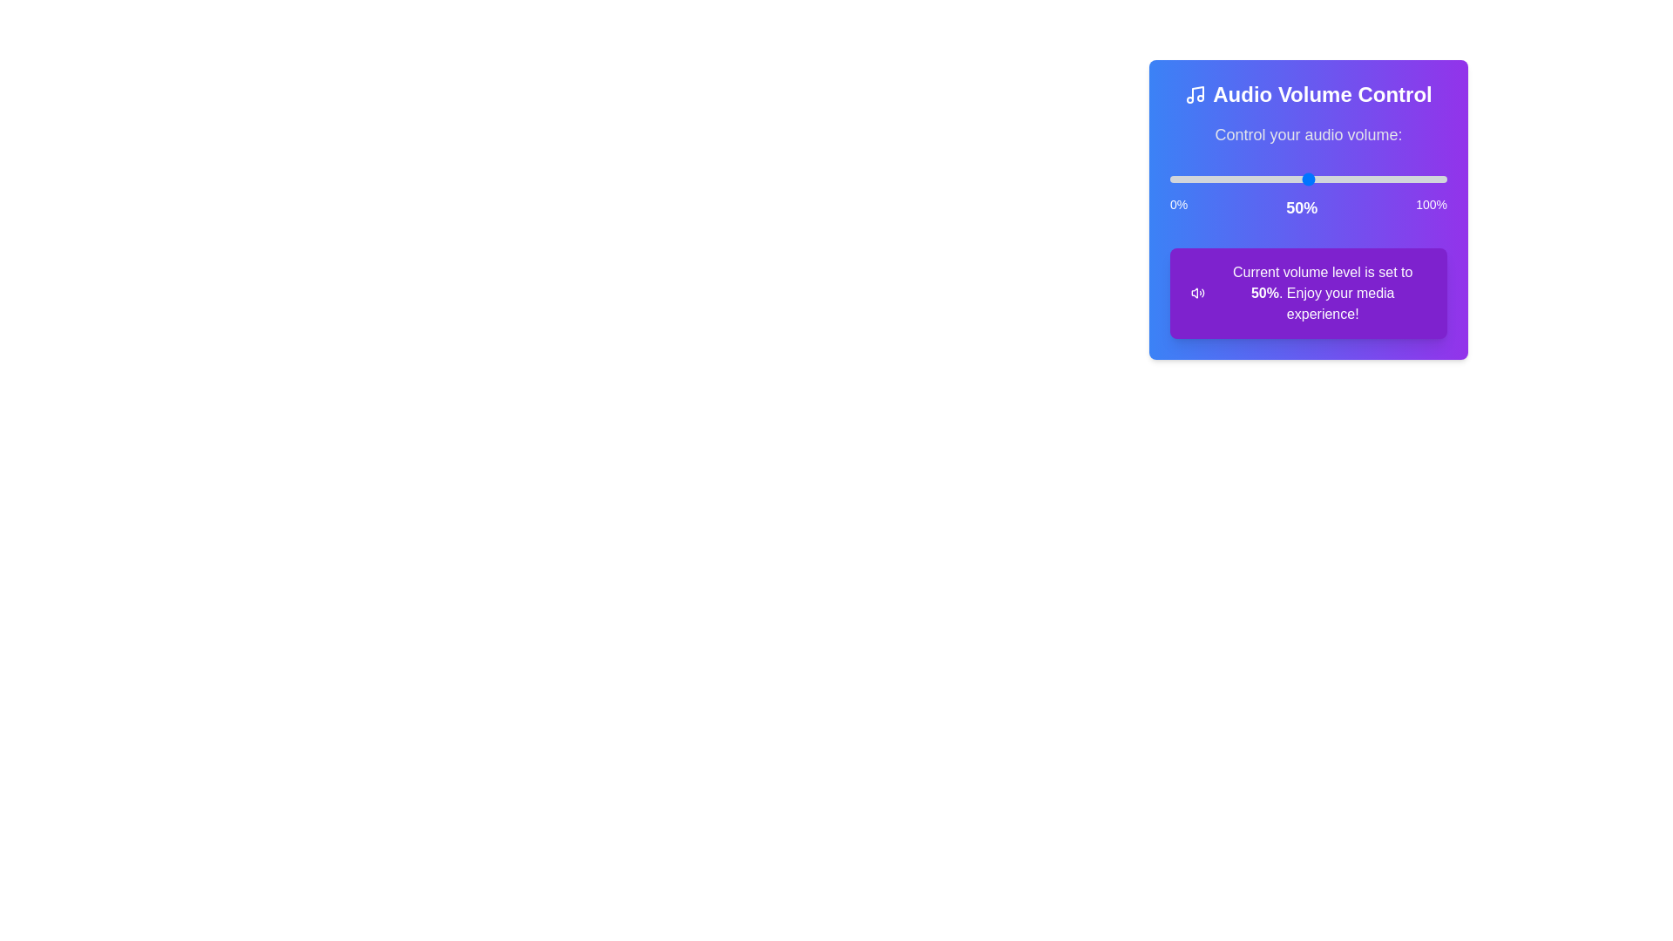  Describe the element at coordinates (1417, 179) in the screenshot. I see `the volume slider to set the volume to 89%` at that location.